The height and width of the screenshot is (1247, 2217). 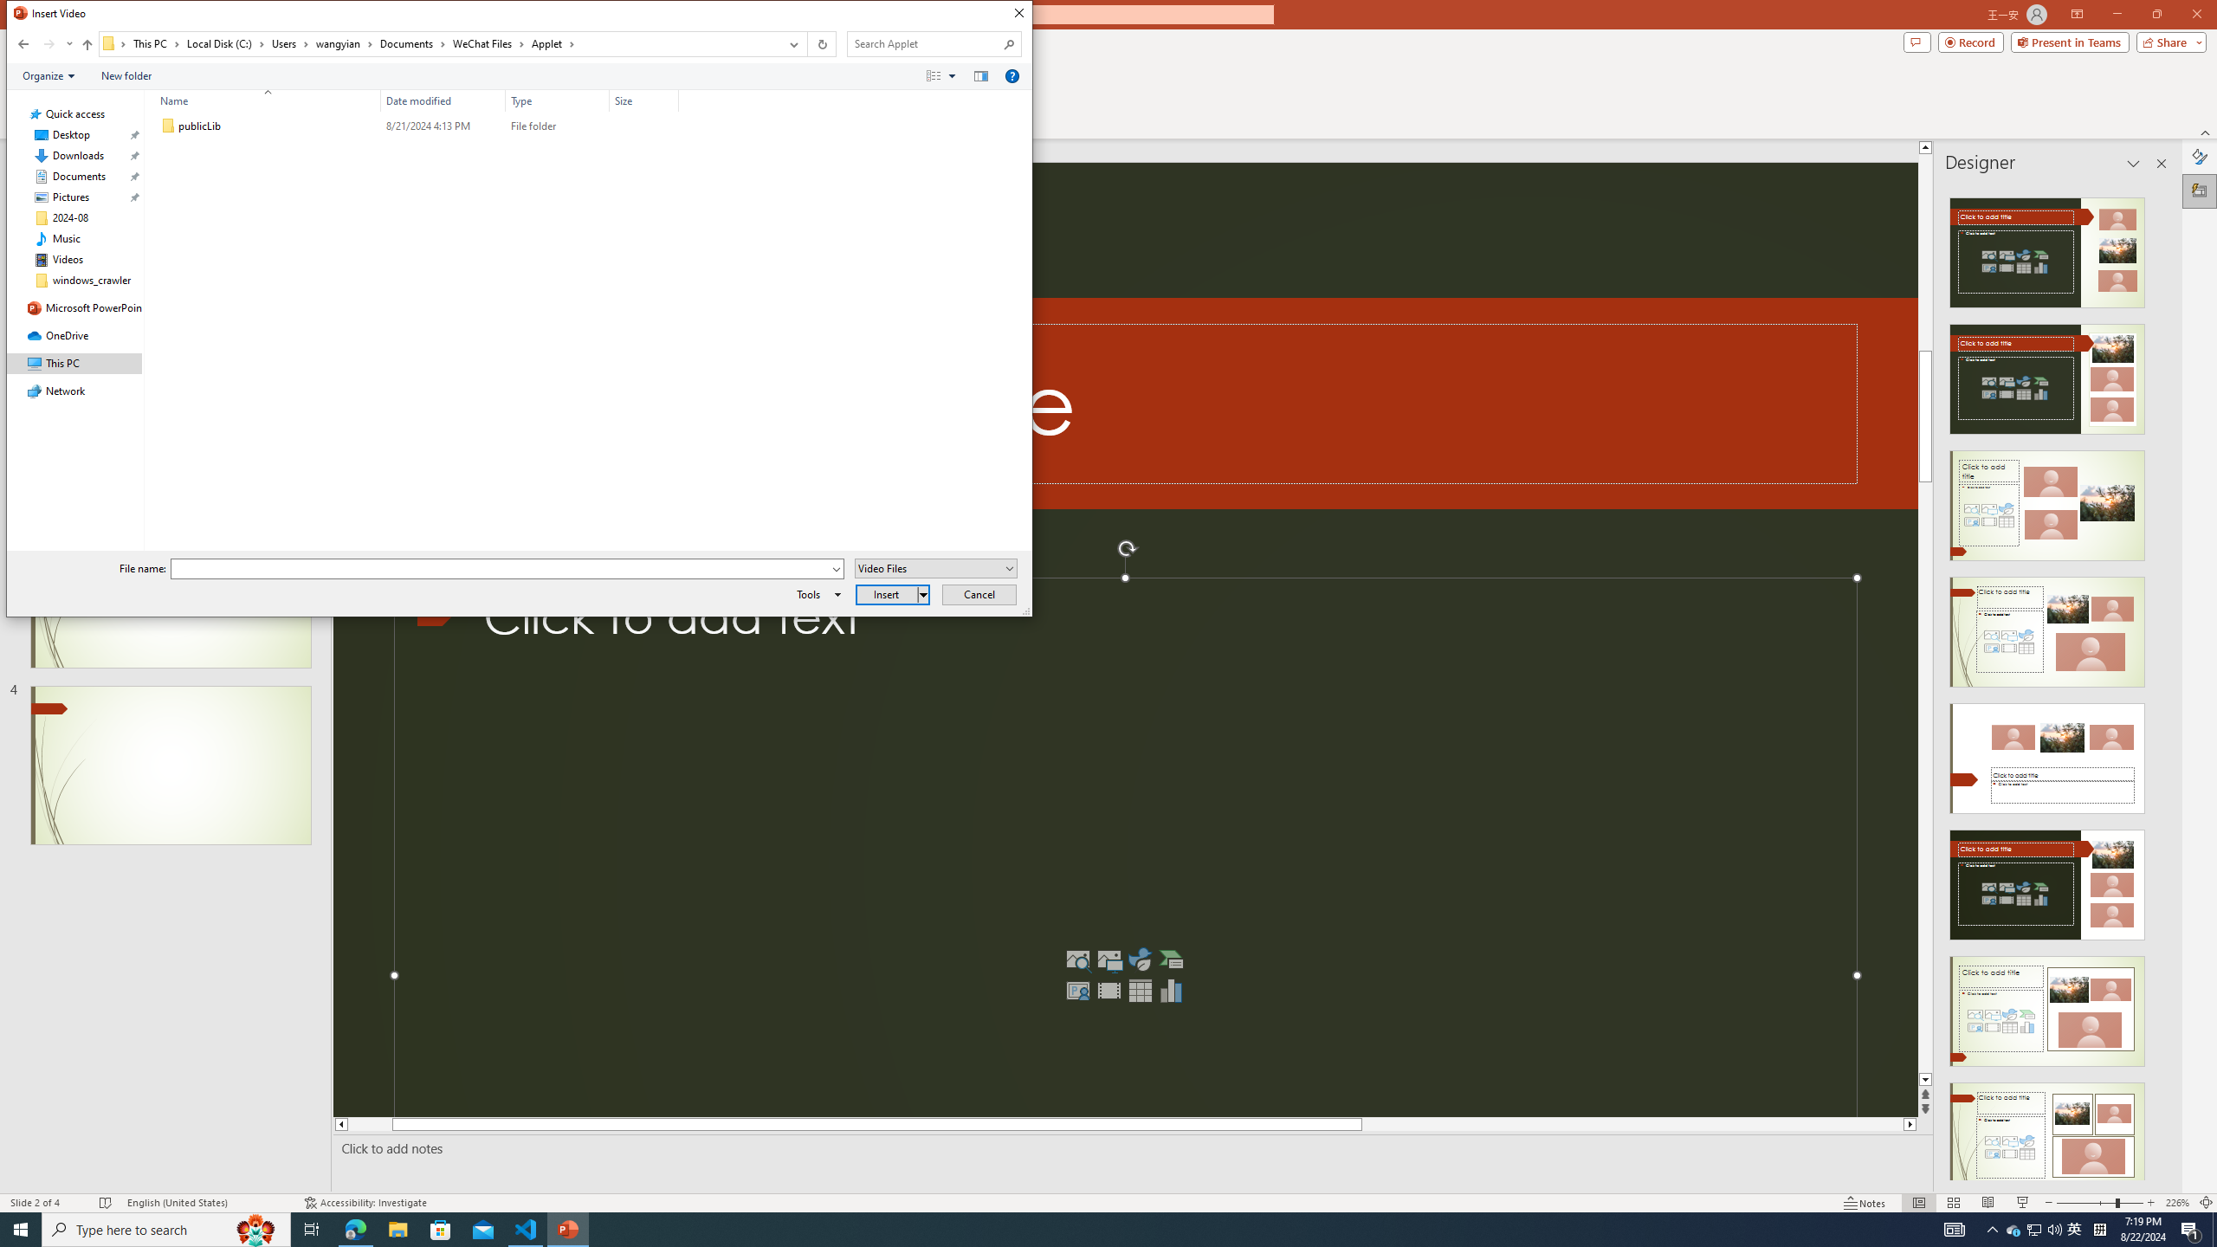 I want to click on 'Forward (Alt + Right Arrow)', so click(x=48, y=43).